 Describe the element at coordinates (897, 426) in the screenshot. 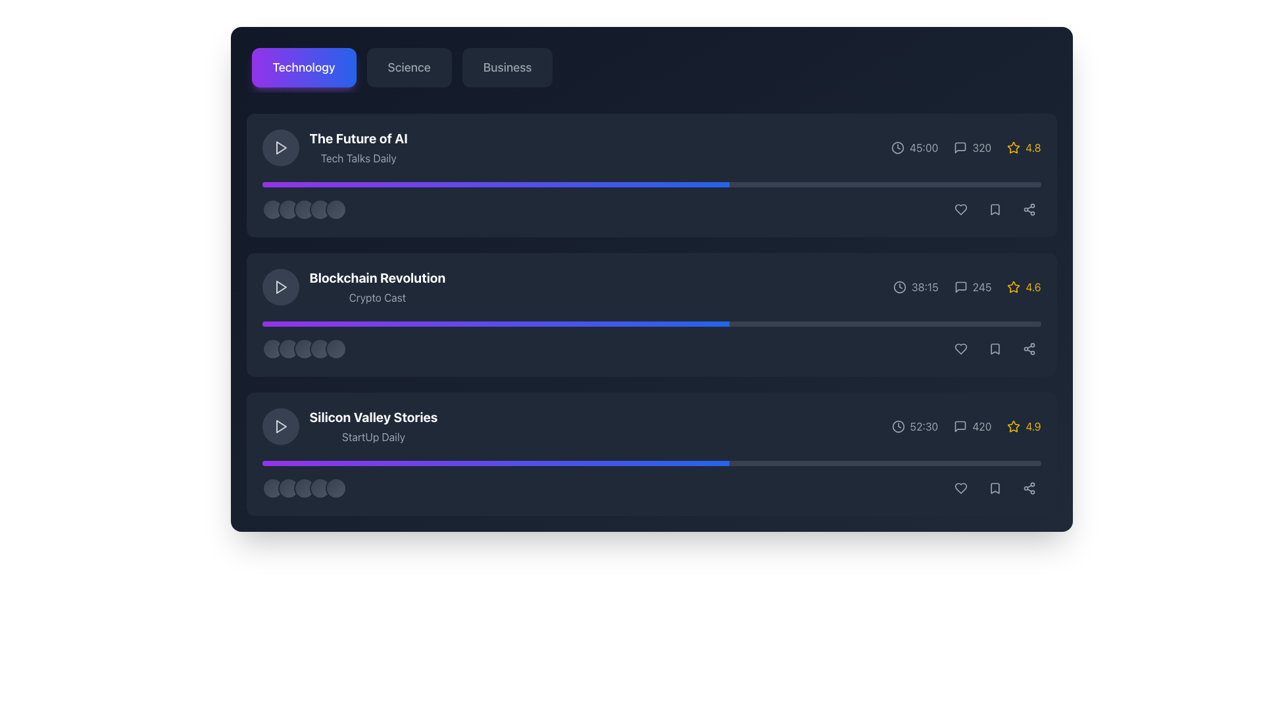

I see `the circular clock icon located to the left of the text '52:30' in the bottommost entry of the list` at that location.